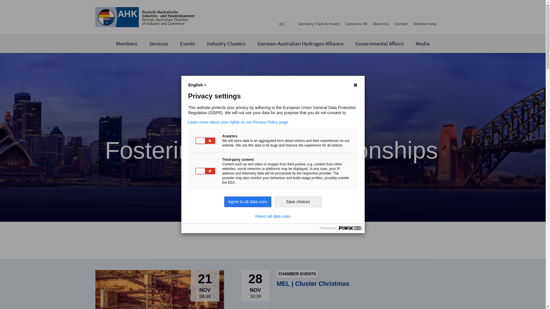  What do you see at coordinates (158, 43) in the screenshot?
I see `'Services'` at bounding box center [158, 43].